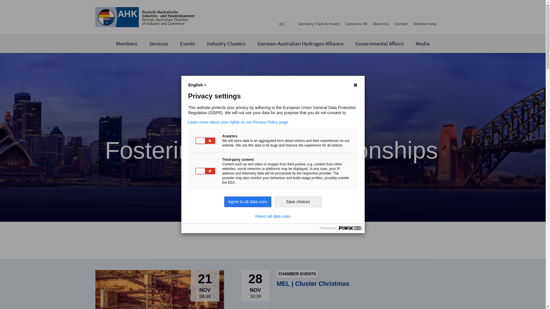  What do you see at coordinates (158, 43) in the screenshot?
I see `'Services'` at bounding box center [158, 43].